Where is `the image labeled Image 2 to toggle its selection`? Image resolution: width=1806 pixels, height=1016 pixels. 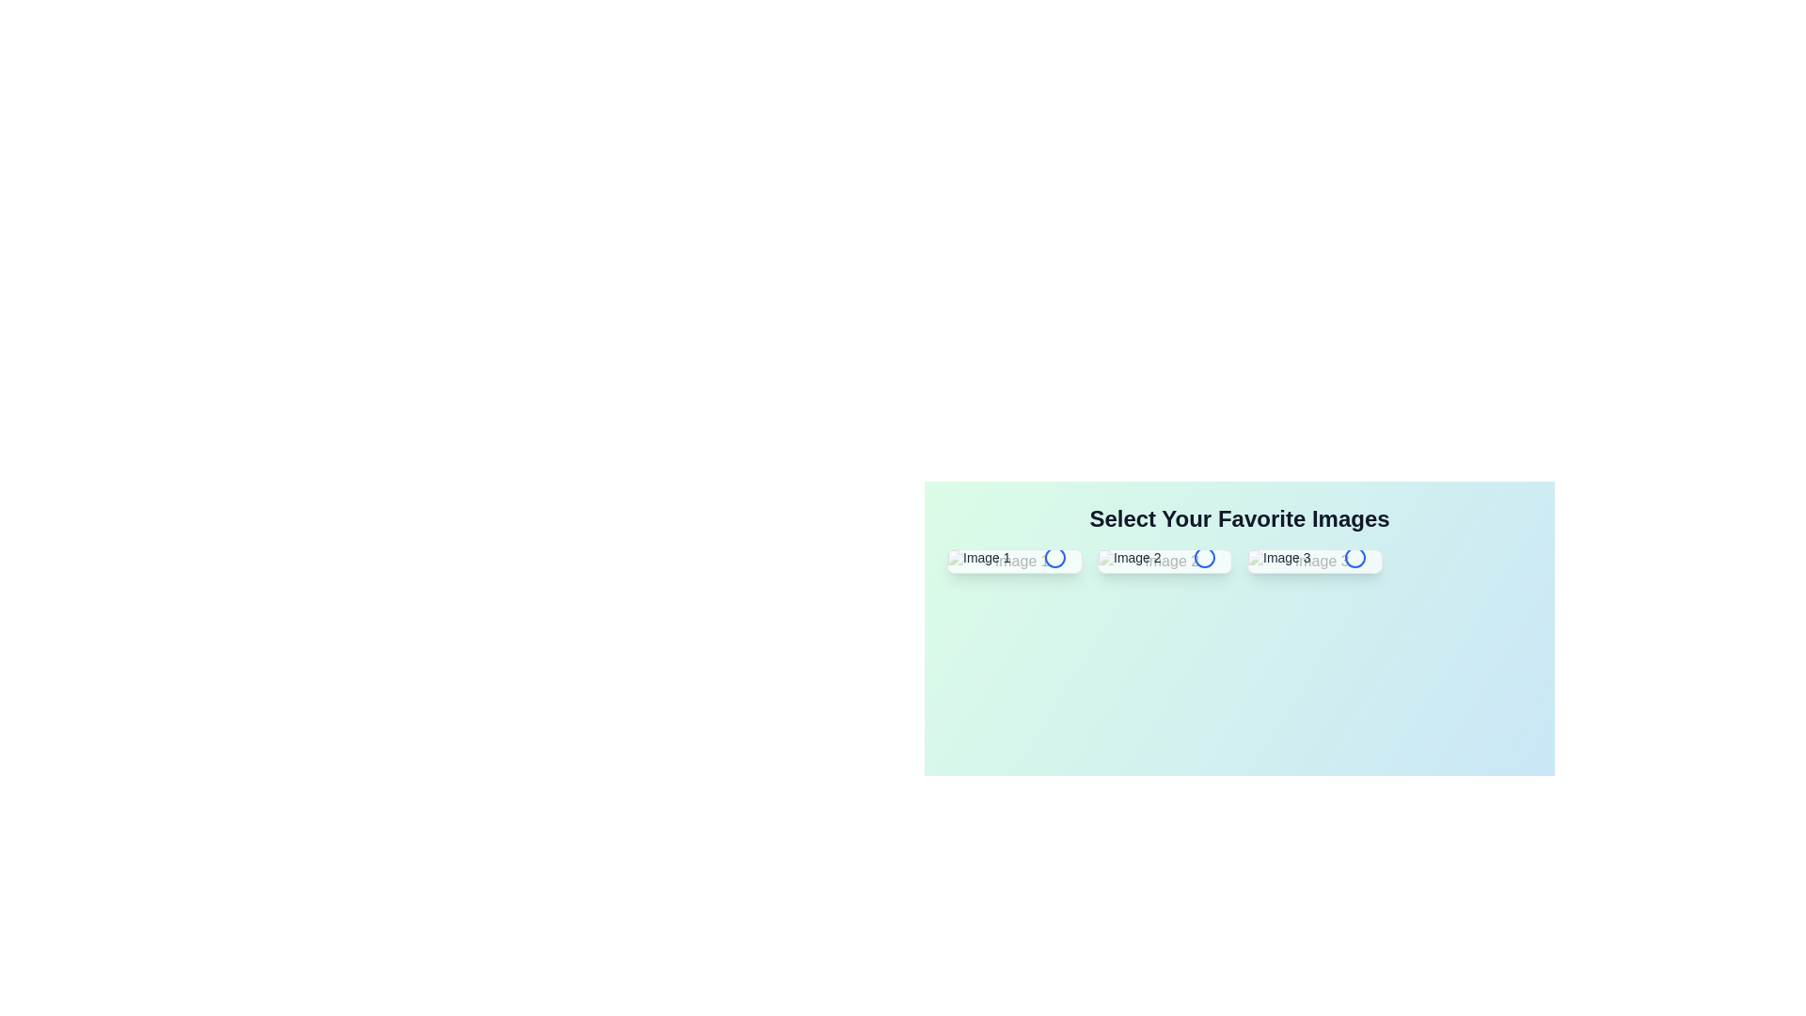 the image labeled Image 2 to toggle its selection is located at coordinates (1164, 561).